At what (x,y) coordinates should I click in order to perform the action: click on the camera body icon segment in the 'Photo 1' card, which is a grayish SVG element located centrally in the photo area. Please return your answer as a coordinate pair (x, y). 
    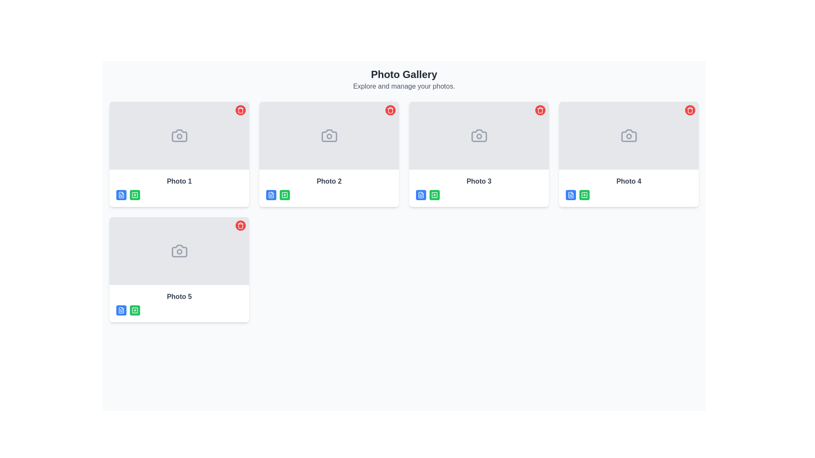
    Looking at the image, I should click on (179, 135).